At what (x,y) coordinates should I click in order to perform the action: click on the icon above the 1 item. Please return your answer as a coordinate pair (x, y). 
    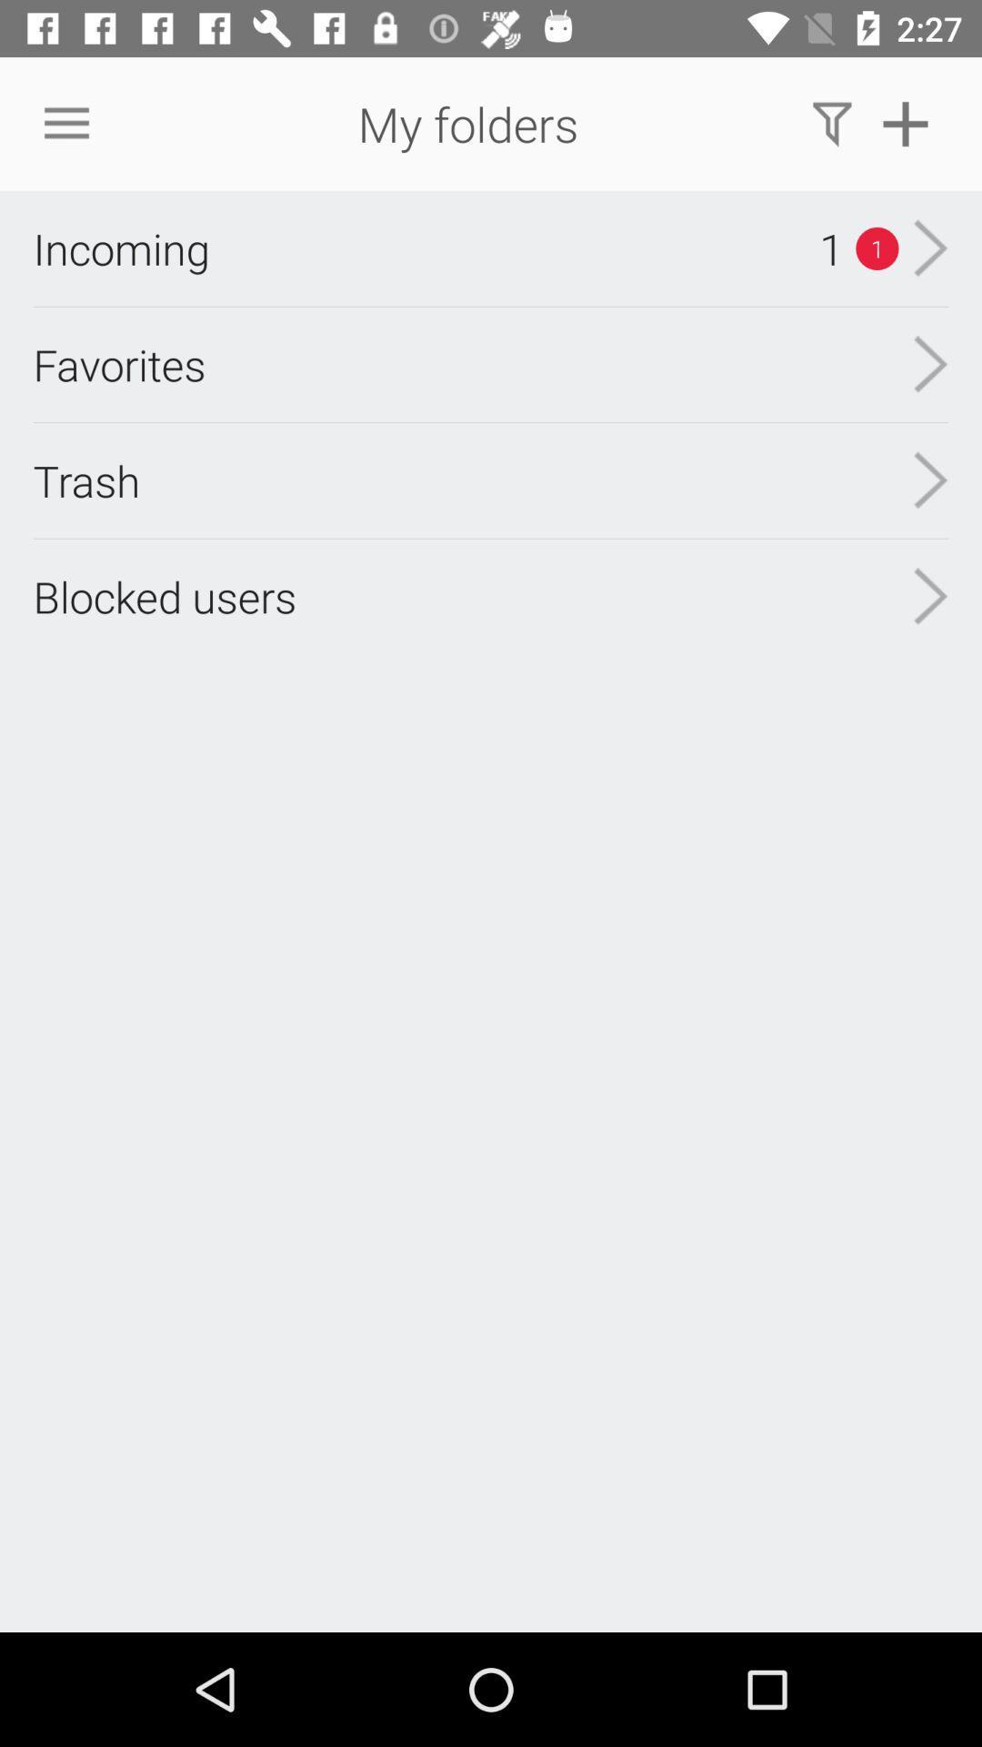
    Looking at the image, I should click on (832, 123).